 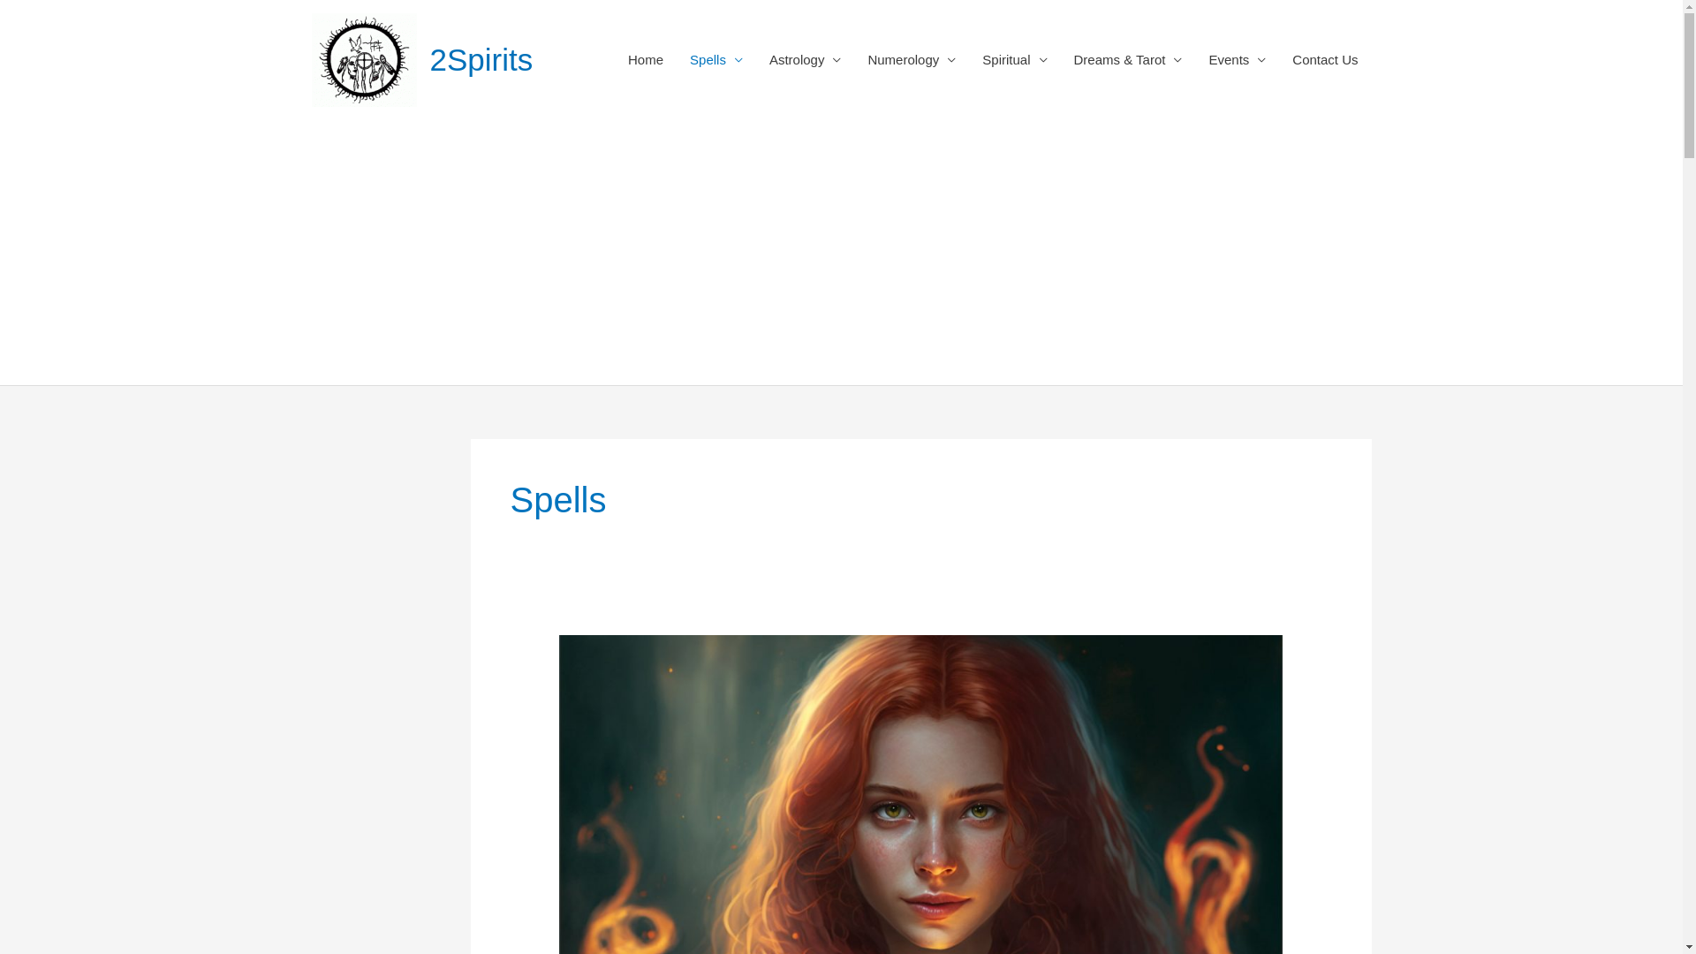 What do you see at coordinates (644, 59) in the screenshot?
I see `'Home'` at bounding box center [644, 59].